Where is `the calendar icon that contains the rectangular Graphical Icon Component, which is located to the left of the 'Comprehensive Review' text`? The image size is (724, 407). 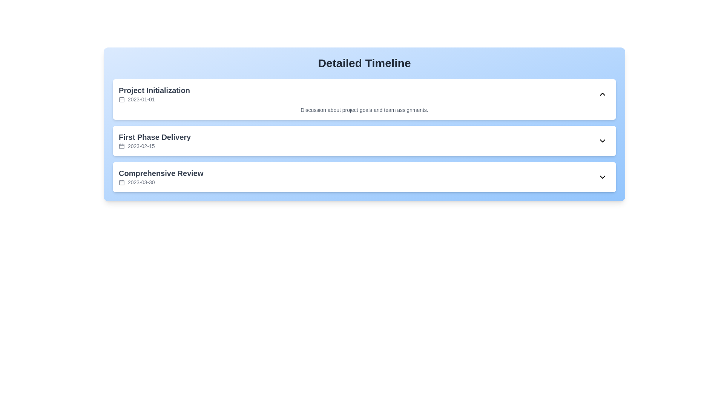 the calendar icon that contains the rectangular Graphical Icon Component, which is located to the left of the 'Comprehensive Review' text is located at coordinates (121, 182).